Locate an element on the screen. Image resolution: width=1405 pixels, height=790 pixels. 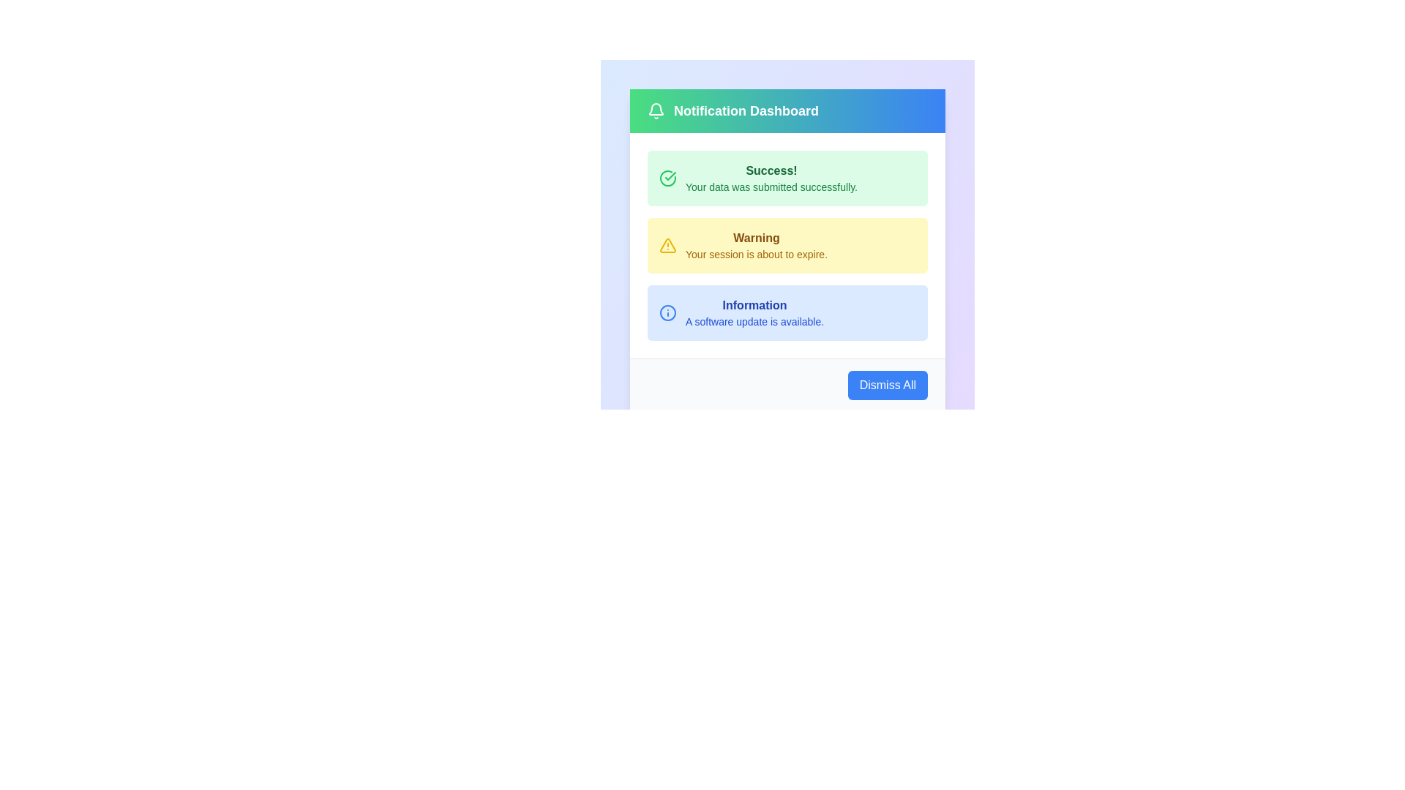
the 'Notification Dashboard' text label displayed in white, bold, large font at the top of the interface is located at coordinates (746, 110).